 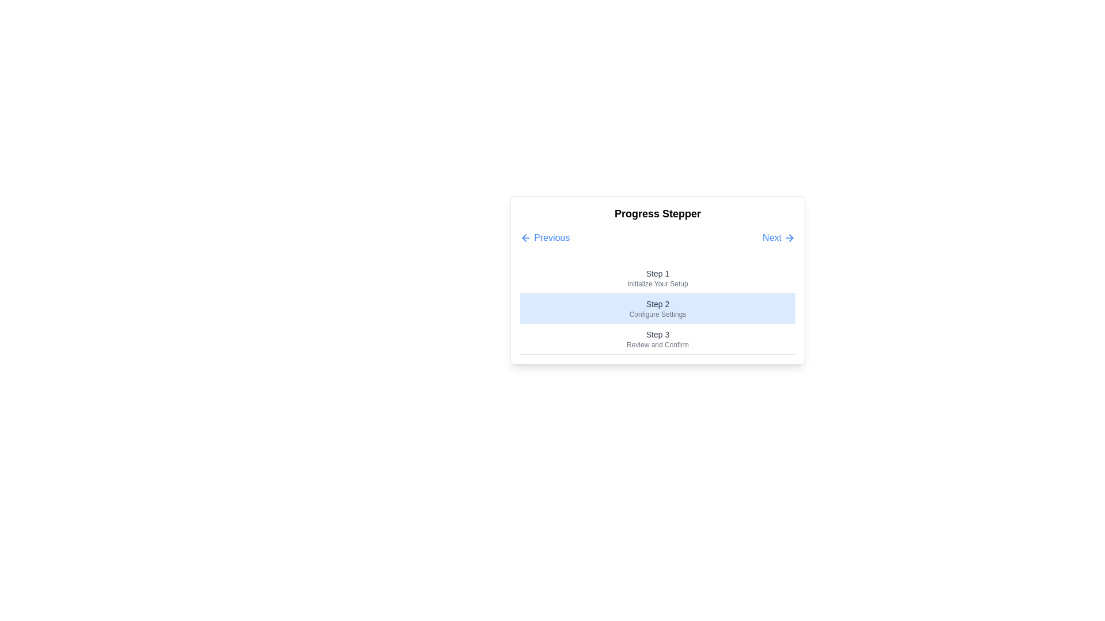 What do you see at coordinates (657, 308) in the screenshot?
I see `the active step in the stepper component, which is the second step in the vertical sequence, to indicate the current progress in the workflow` at bounding box center [657, 308].